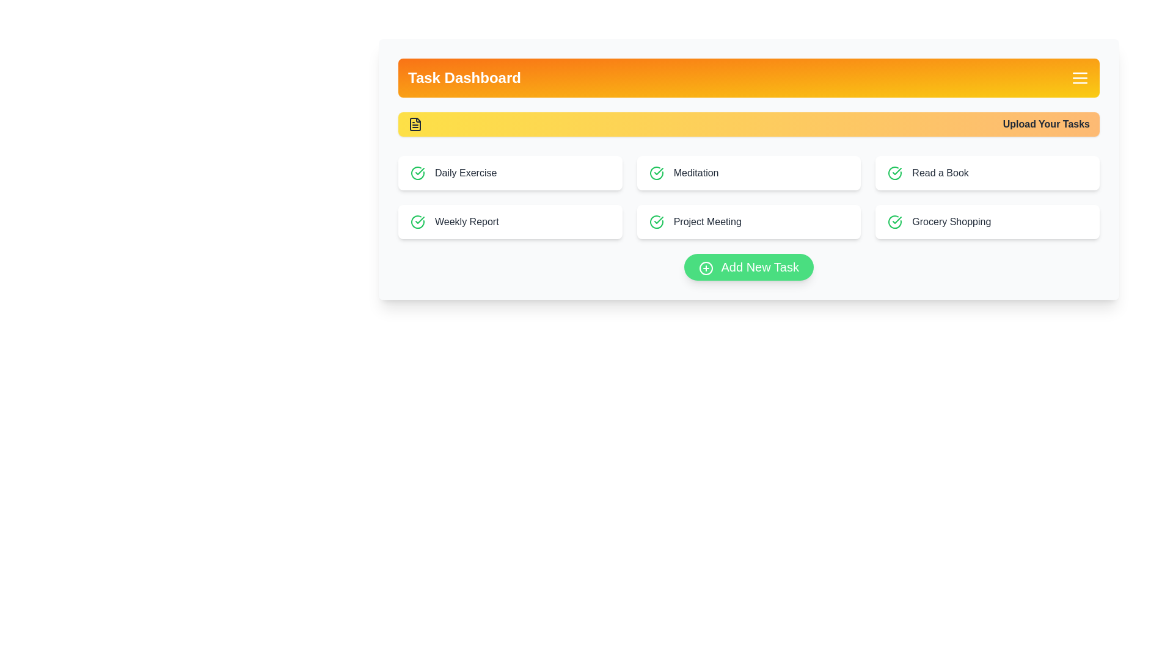 This screenshot has height=659, width=1173. Describe the element at coordinates (1080, 77) in the screenshot. I see `the menu button to toggle its visibility` at that location.